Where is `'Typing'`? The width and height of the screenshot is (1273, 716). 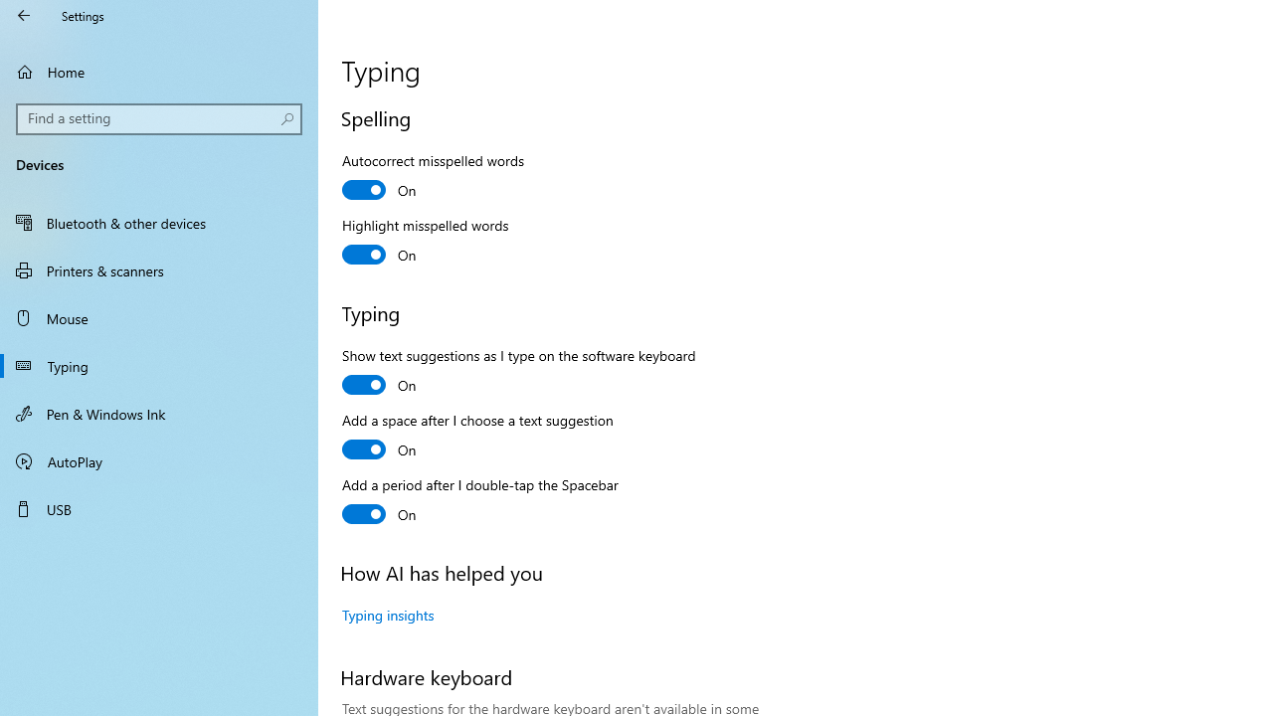 'Typing' is located at coordinates (159, 365).